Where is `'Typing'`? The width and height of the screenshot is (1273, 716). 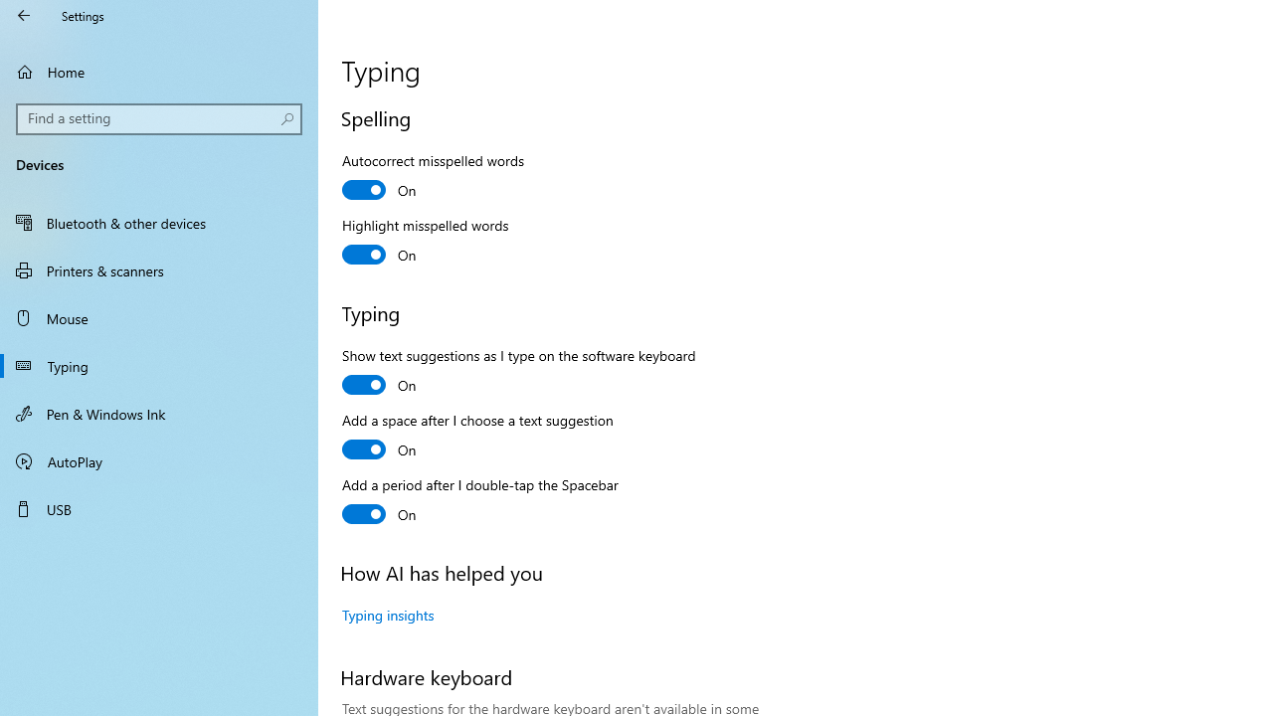 'Typing' is located at coordinates (159, 365).